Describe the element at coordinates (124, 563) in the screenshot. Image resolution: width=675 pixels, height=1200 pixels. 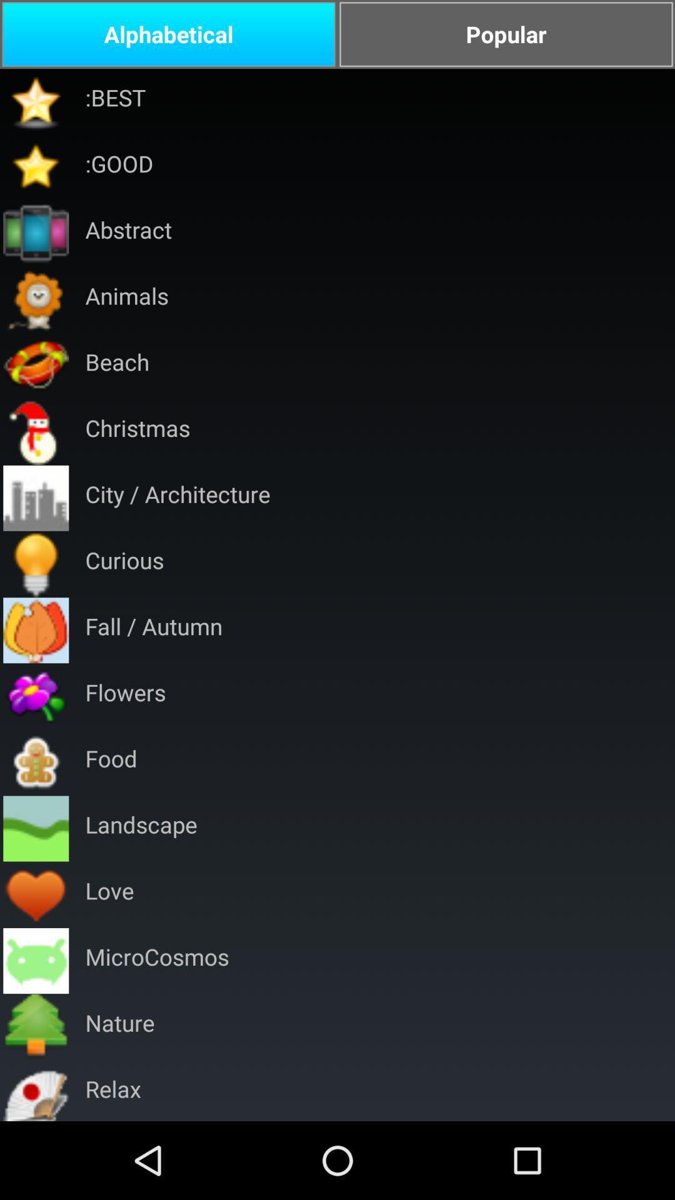
I see `the curious icon` at that location.